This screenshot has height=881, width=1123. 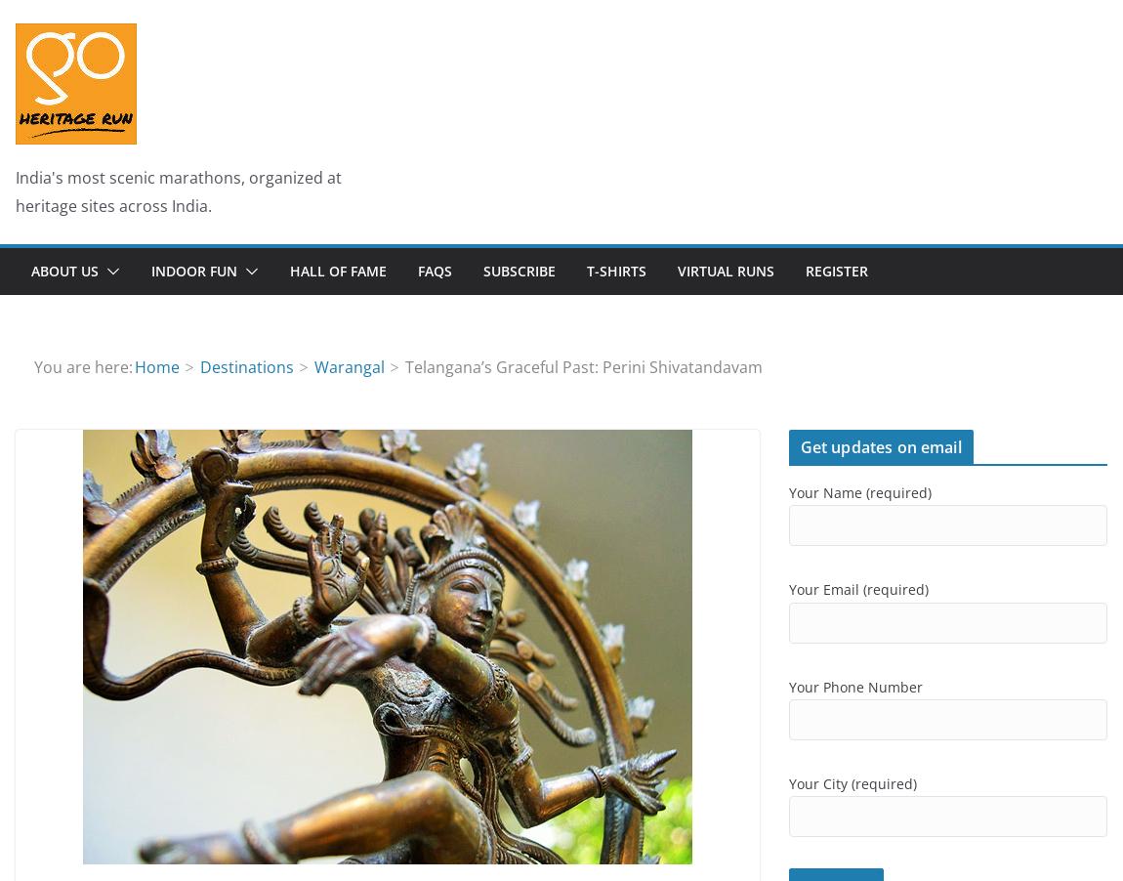 I want to click on 'Your Phone Number', so click(x=854, y=686).